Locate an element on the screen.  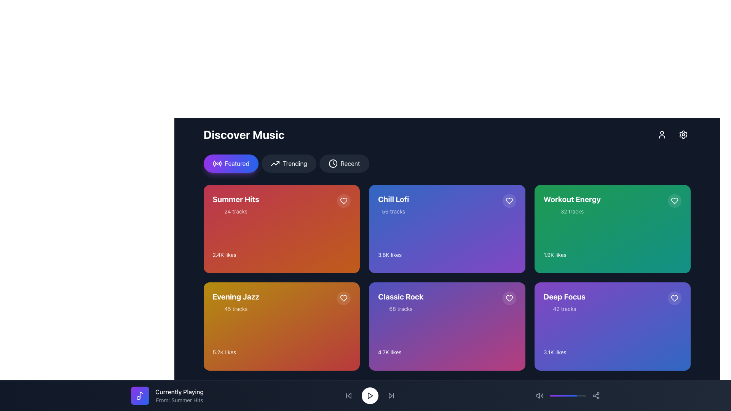
the triangular play button within the circular button located in the bottom-right corner of the 'Evening Jazz' media card is located at coordinates (342, 364).